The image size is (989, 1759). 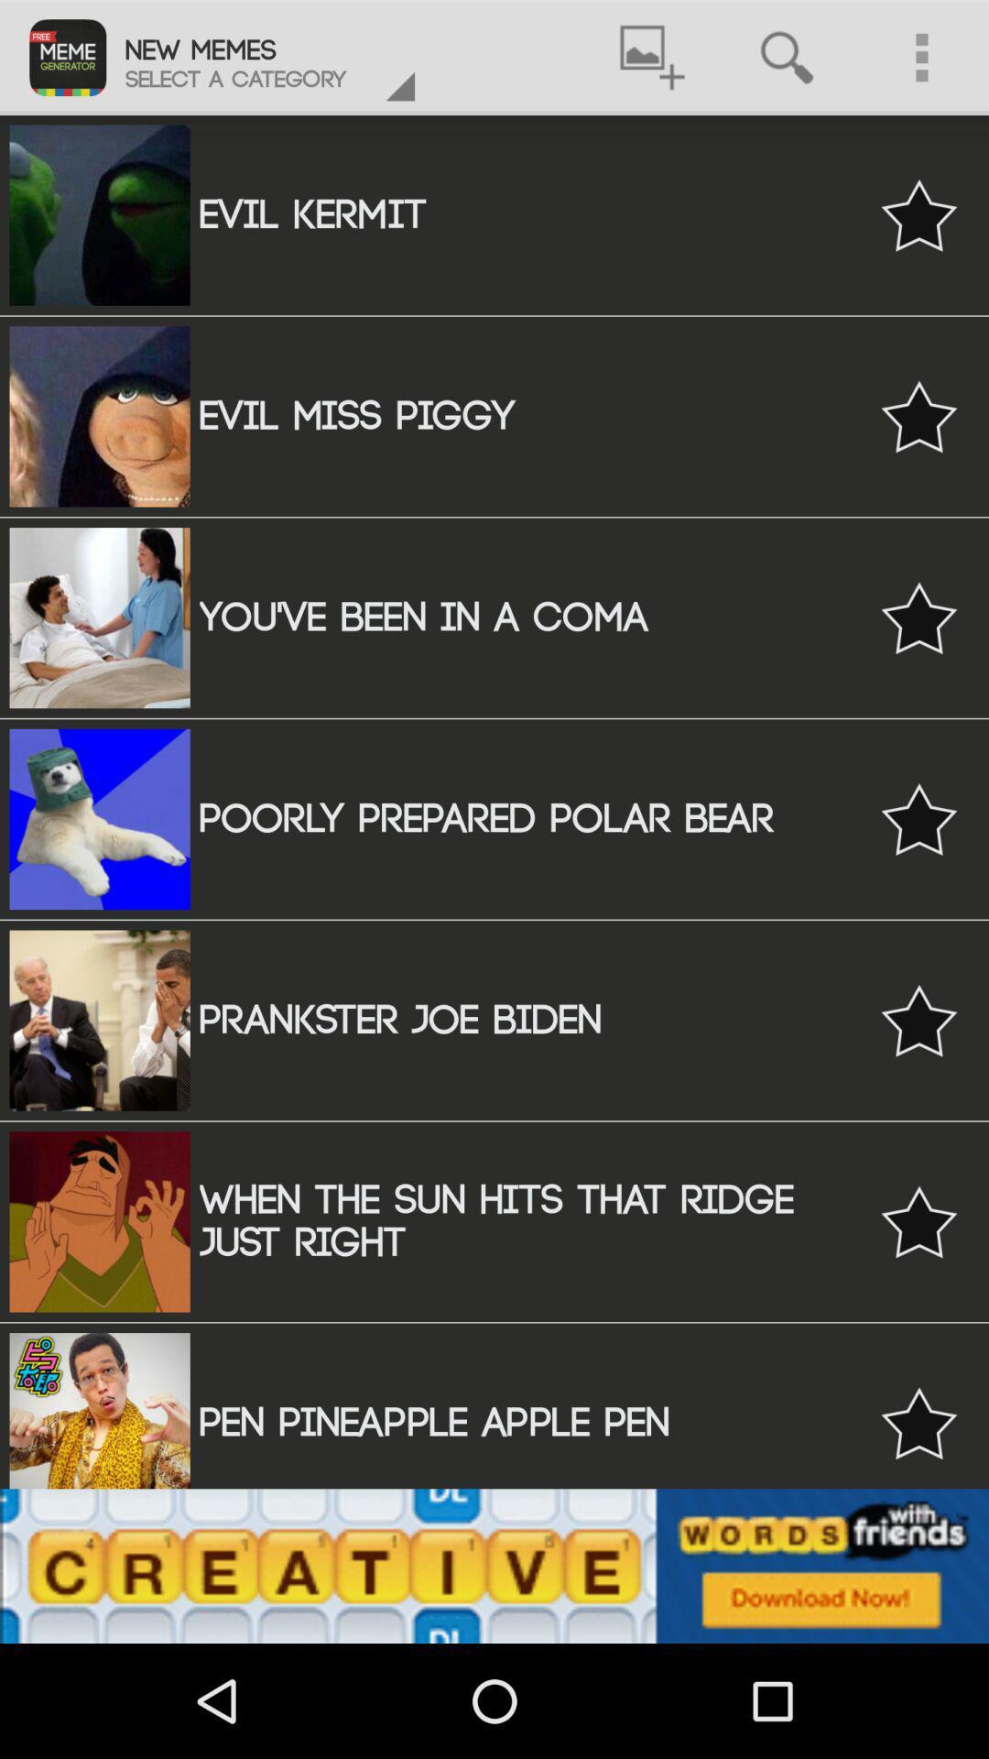 I want to click on rivewi button, so click(x=918, y=1422).